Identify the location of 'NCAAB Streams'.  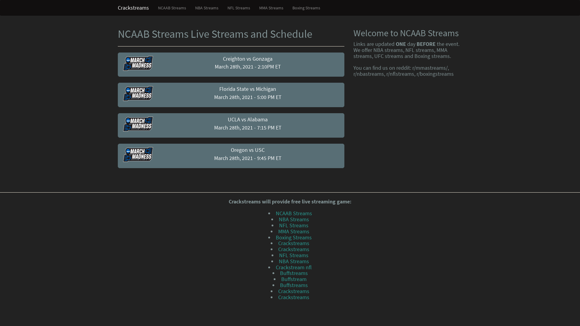
(293, 213).